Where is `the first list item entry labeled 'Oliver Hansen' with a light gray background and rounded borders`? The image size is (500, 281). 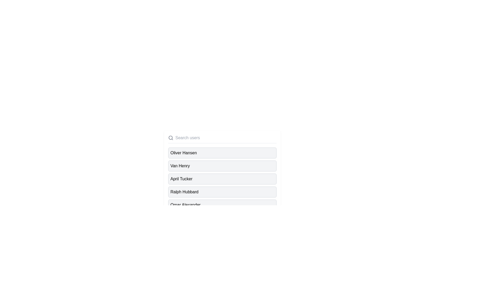 the first list item entry labeled 'Oliver Hansen' with a light gray background and rounded borders is located at coordinates (222, 152).